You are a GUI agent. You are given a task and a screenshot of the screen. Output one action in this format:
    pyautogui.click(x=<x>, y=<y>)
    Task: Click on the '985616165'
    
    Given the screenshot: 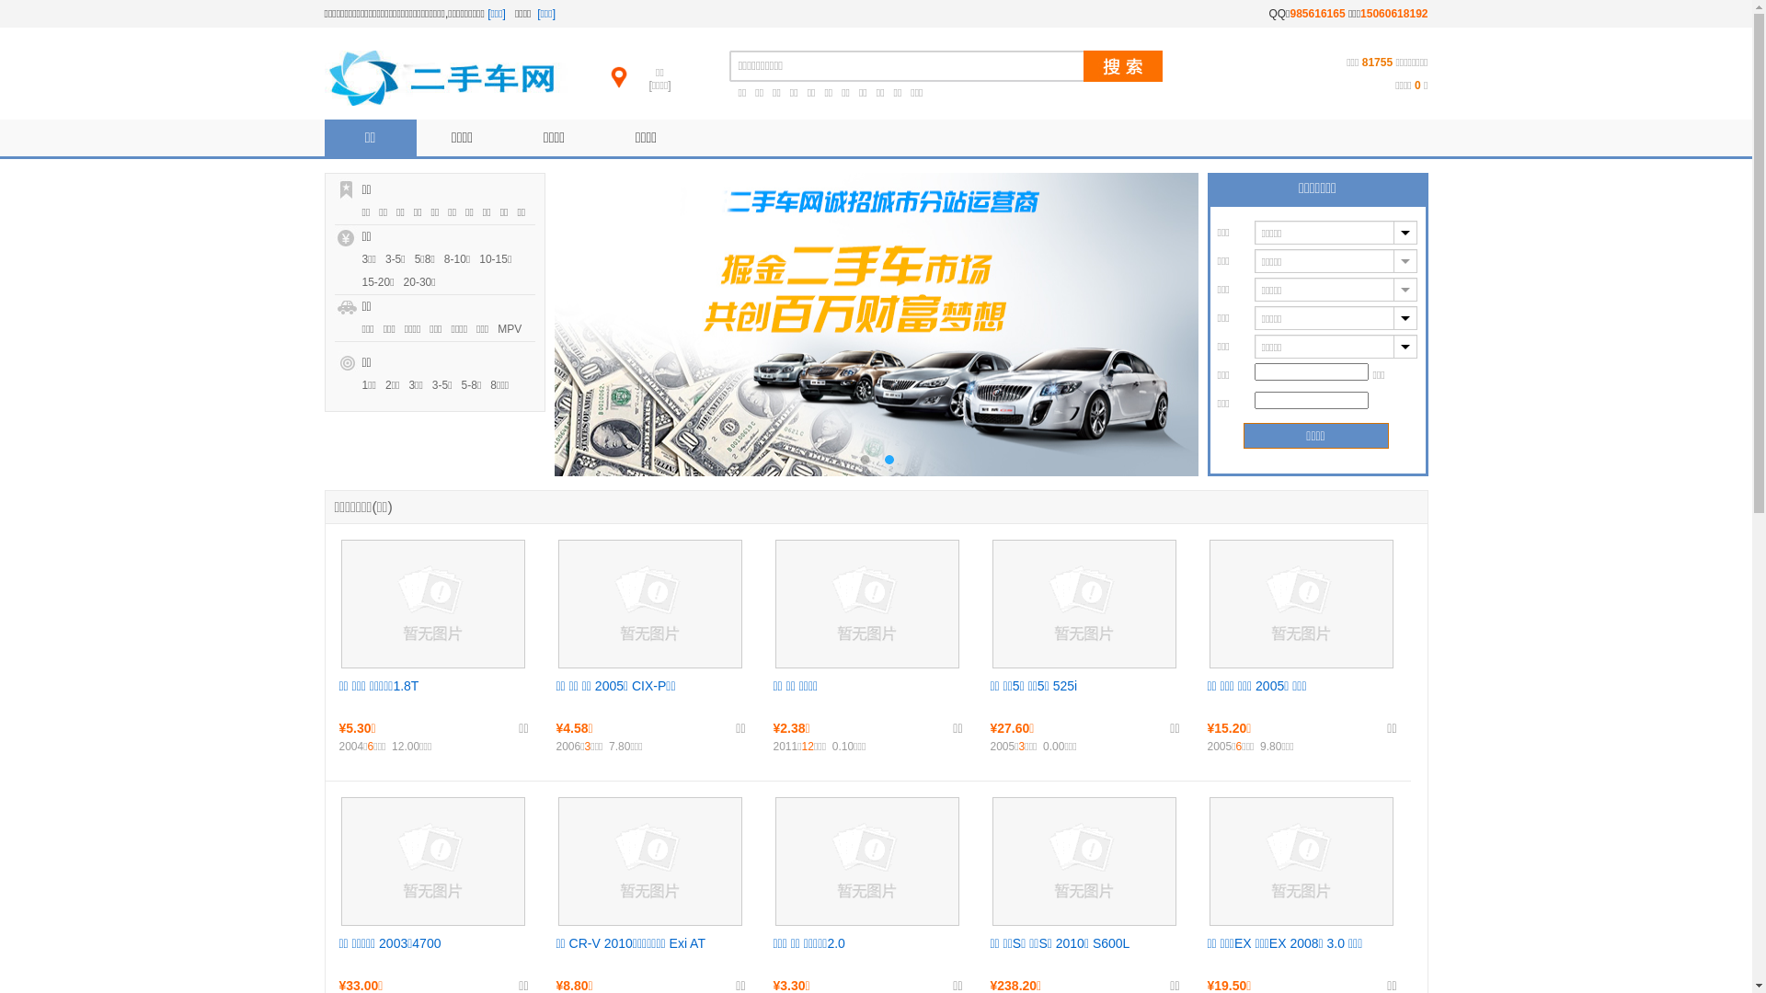 What is the action you would take?
    pyautogui.click(x=1317, y=14)
    